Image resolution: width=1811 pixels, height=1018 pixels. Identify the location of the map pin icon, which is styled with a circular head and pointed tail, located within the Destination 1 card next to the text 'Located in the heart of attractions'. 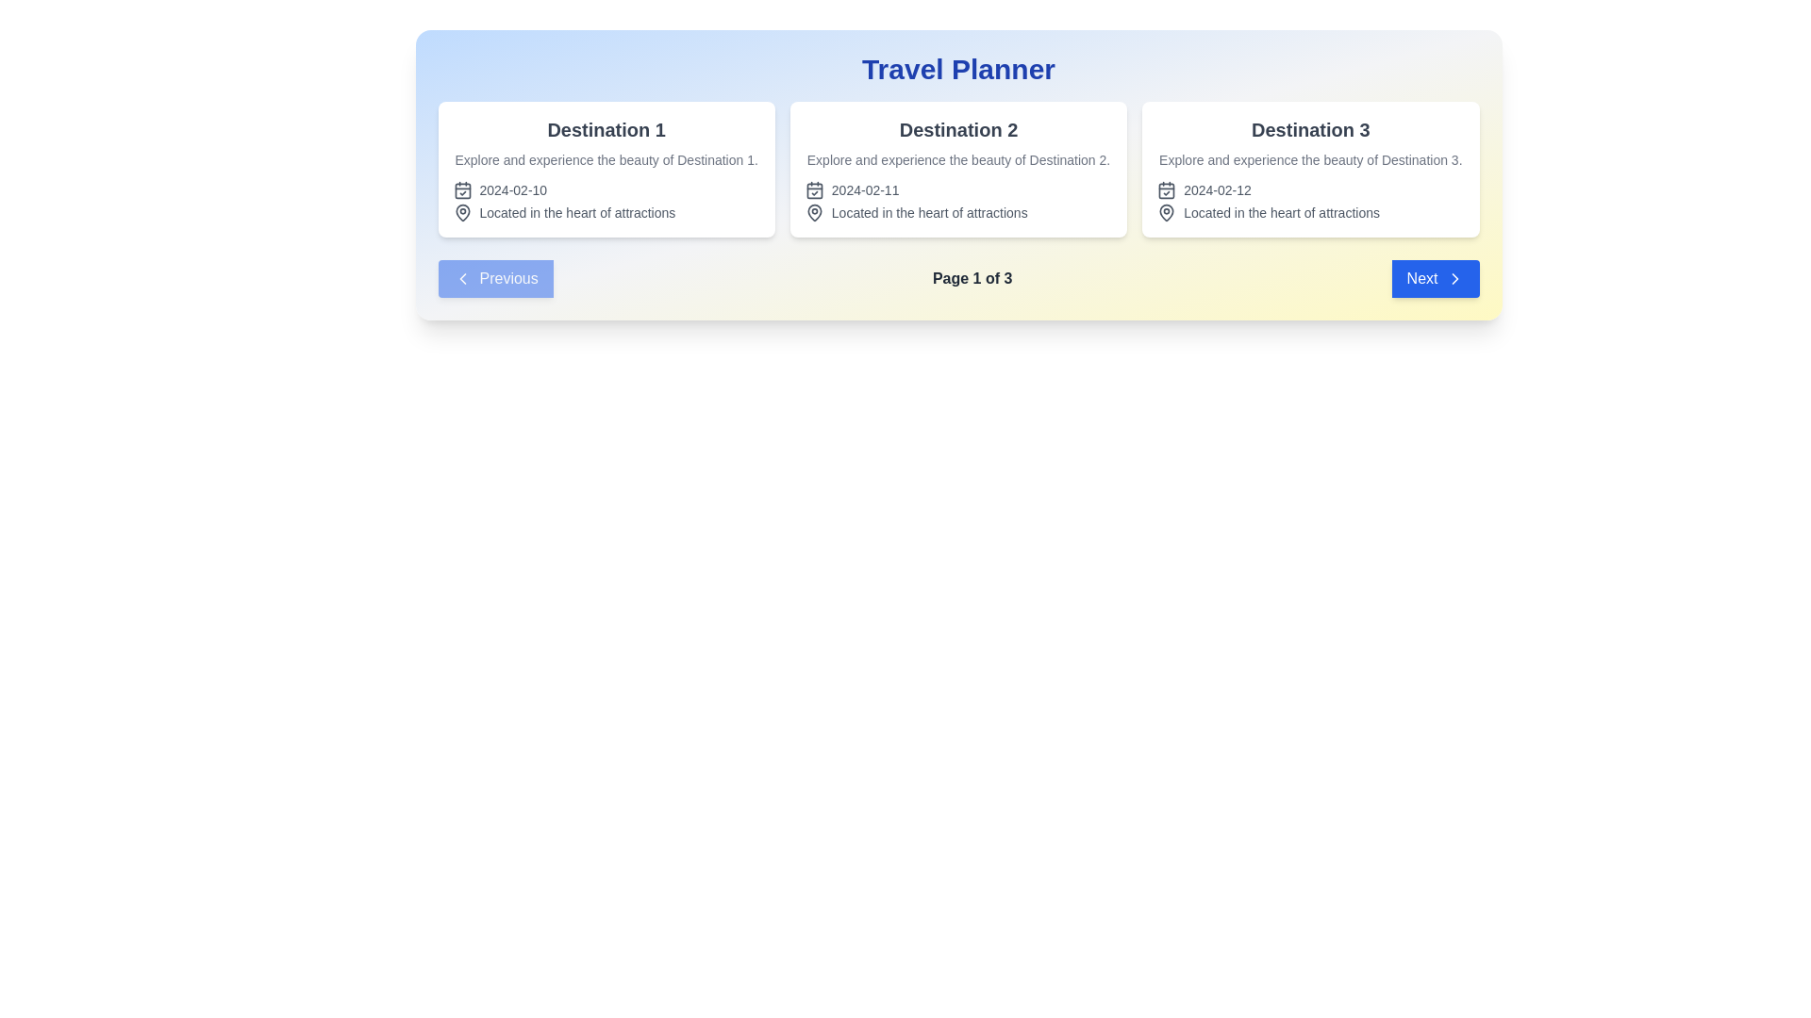
(462, 212).